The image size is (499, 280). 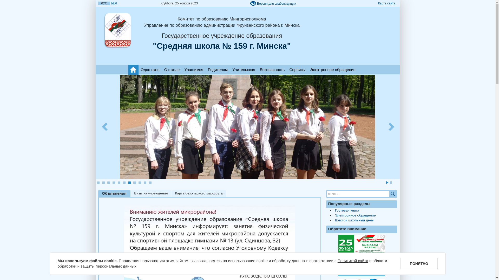 I want to click on '4', so click(x=113, y=183).